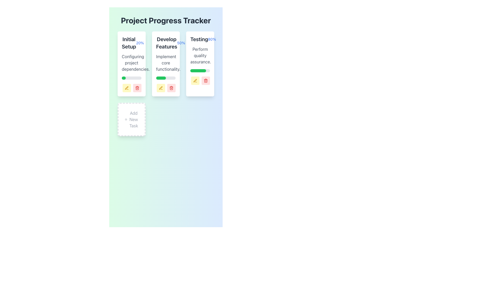 This screenshot has height=283, width=504. What do you see at coordinates (134, 119) in the screenshot?
I see `the 'Add New Task' text label, which is styled in gray and located within a rounded white card with a dashed border, positioned below the main task cards and aligned with the adjacent '+' icon` at bounding box center [134, 119].